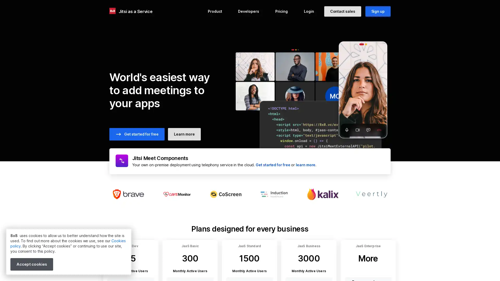 This screenshot has width=500, height=281. What do you see at coordinates (378, 11) in the screenshot?
I see `Sign up` at bounding box center [378, 11].